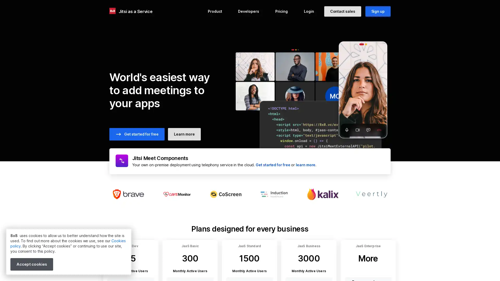 This screenshot has width=500, height=281. What do you see at coordinates (378, 11) in the screenshot?
I see `Sign up` at bounding box center [378, 11].